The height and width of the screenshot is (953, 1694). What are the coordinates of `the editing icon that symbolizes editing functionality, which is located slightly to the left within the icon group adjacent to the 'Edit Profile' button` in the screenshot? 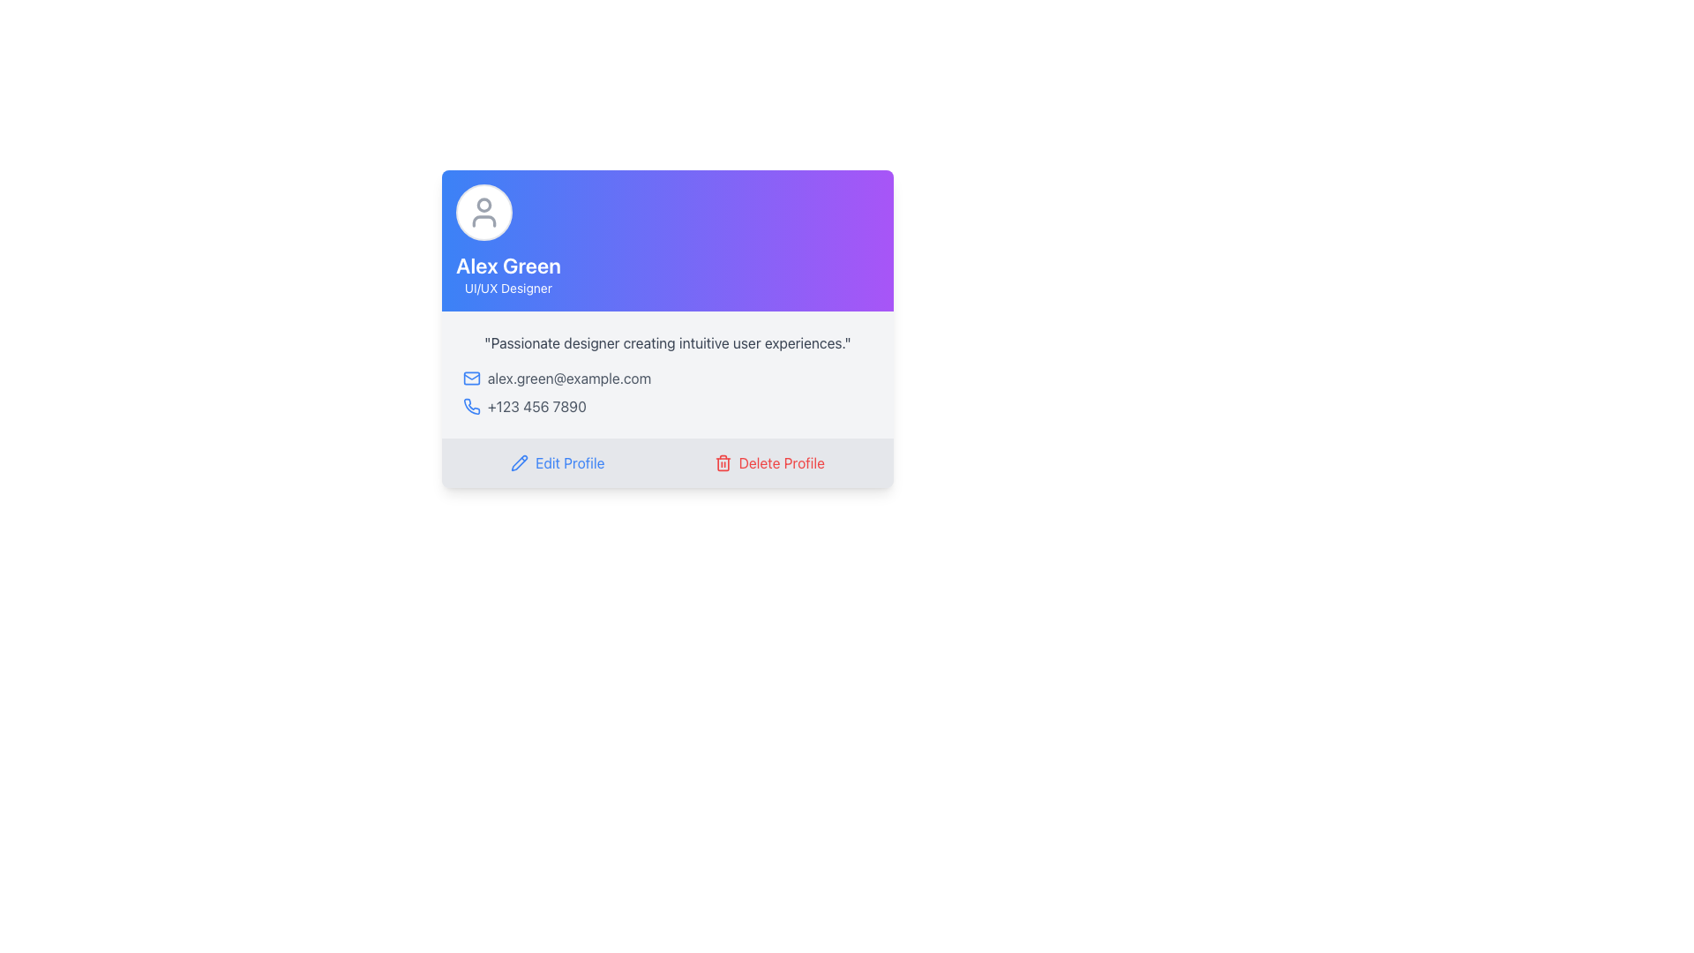 It's located at (519, 461).